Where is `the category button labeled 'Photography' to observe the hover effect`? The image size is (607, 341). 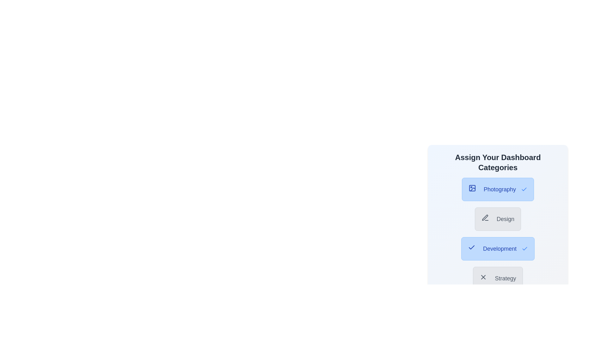
the category button labeled 'Photography' to observe the hover effect is located at coordinates (497, 189).